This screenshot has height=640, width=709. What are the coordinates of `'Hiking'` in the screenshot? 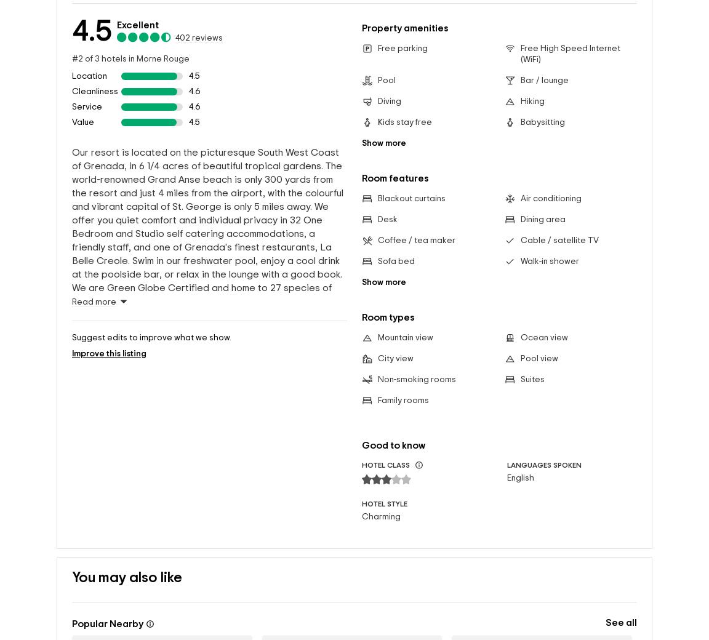 It's located at (519, 102).